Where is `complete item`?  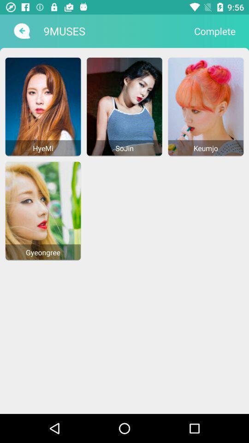
complete item is located at coordinates (215, 31).